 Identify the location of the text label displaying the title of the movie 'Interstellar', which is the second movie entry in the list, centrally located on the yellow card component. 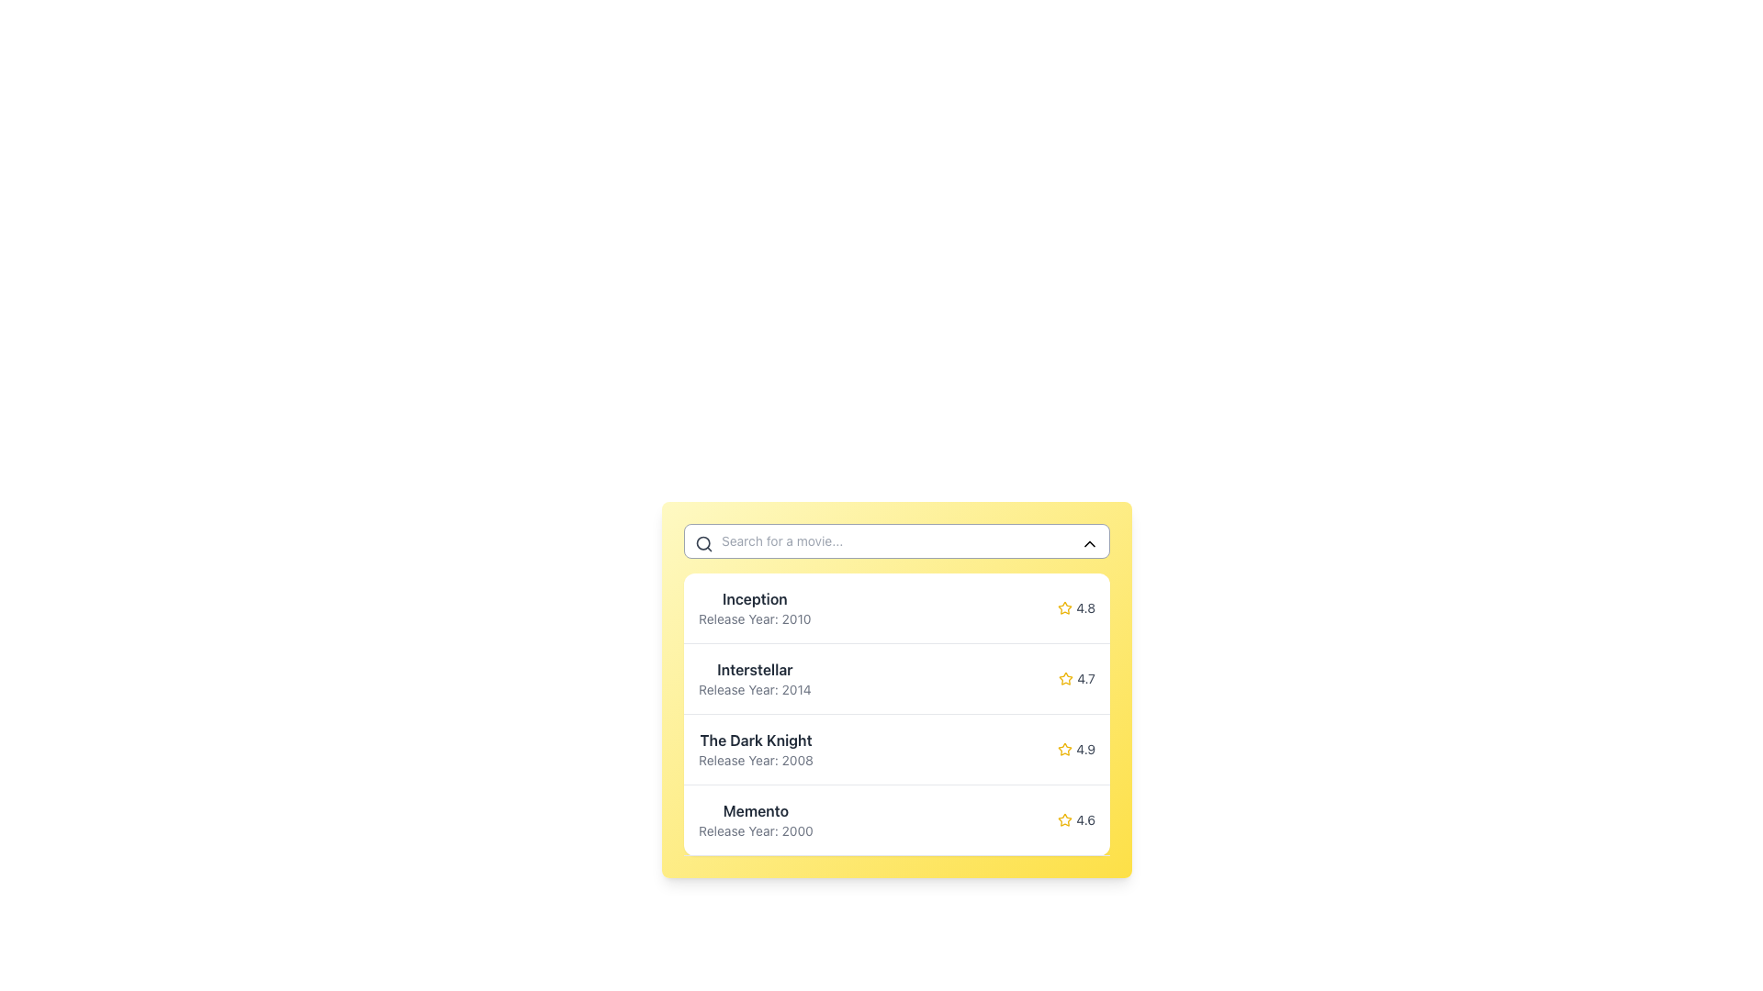
(755, 669).